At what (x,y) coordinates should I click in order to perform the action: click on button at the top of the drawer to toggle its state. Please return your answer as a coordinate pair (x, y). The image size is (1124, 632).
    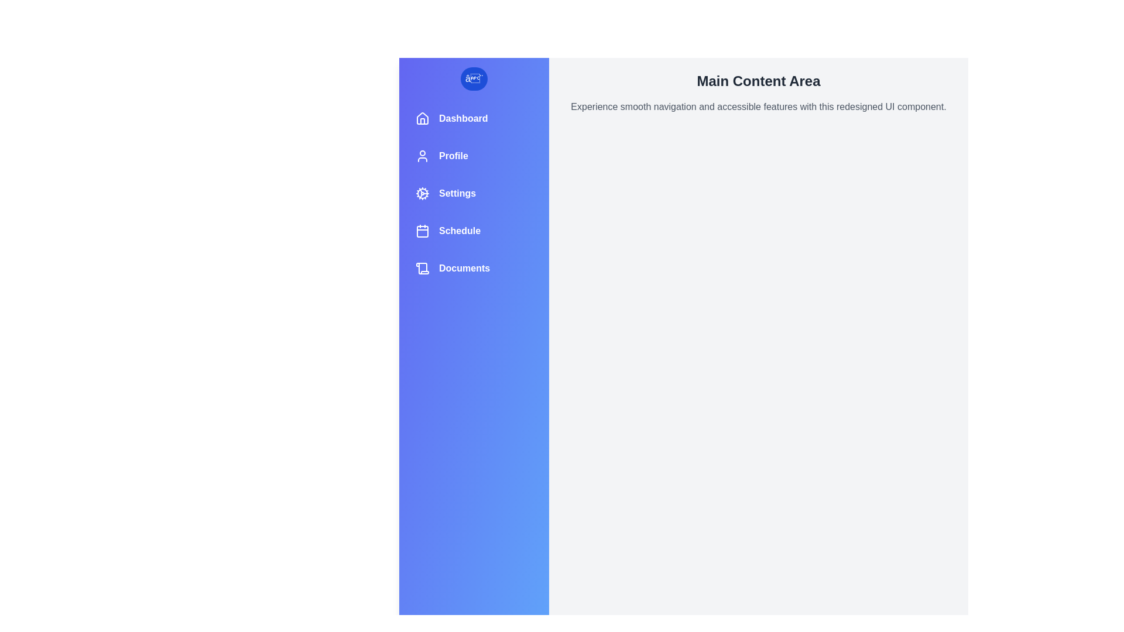
    Looking at the image, I should click on (474, 79).